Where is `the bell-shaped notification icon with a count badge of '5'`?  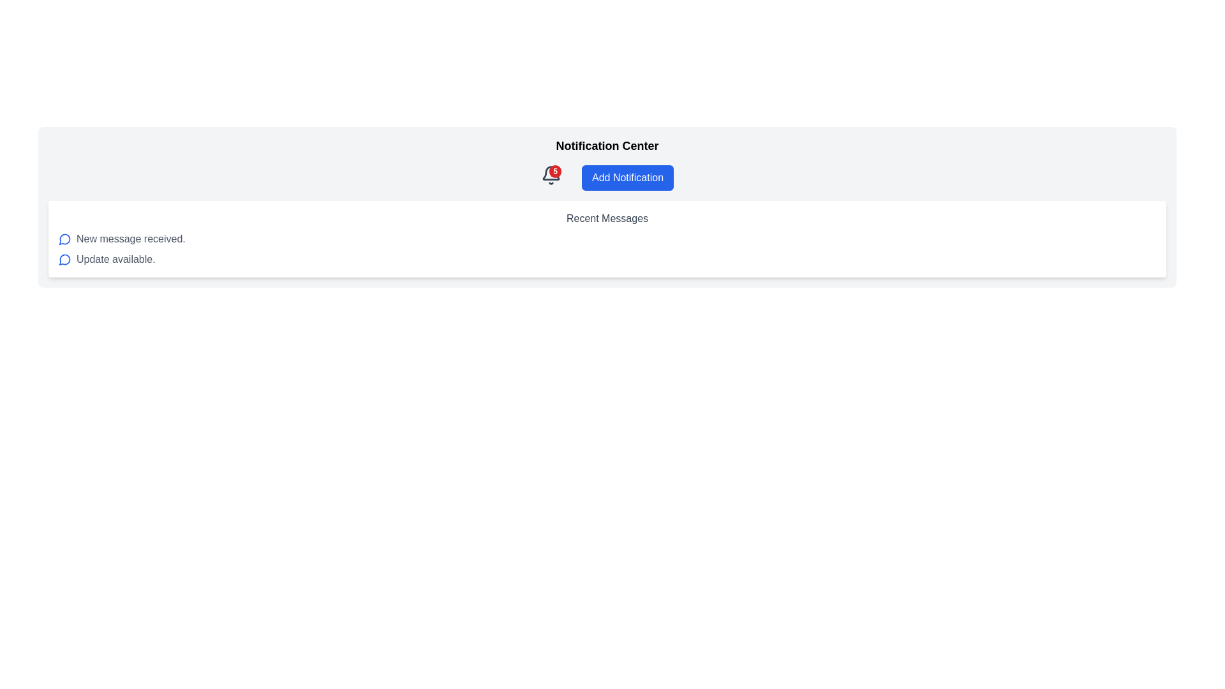 the bell-shaped notification icon with a count badge of '5' is located at coordinates (551, 175).